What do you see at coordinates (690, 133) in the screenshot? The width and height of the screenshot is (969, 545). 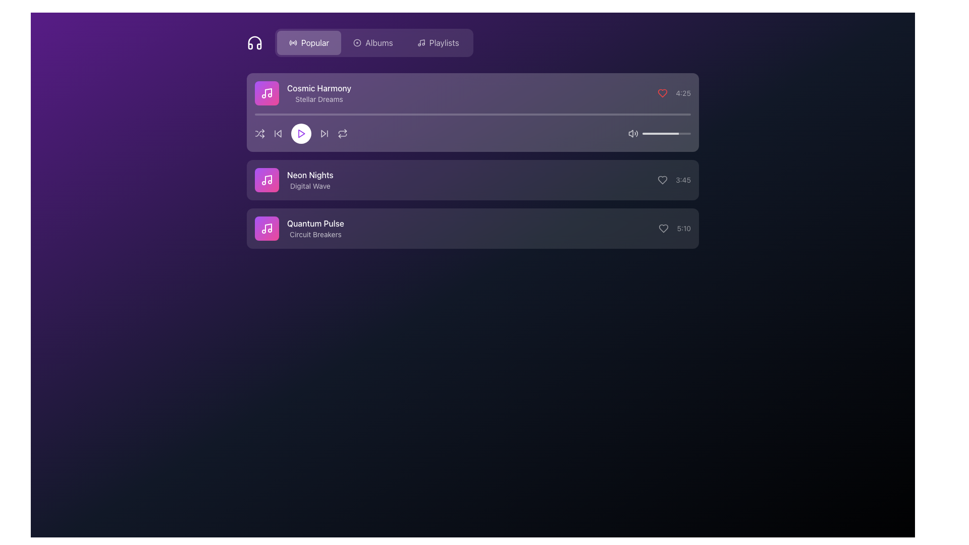 I see `the slider` at bounding box center [690, 133].